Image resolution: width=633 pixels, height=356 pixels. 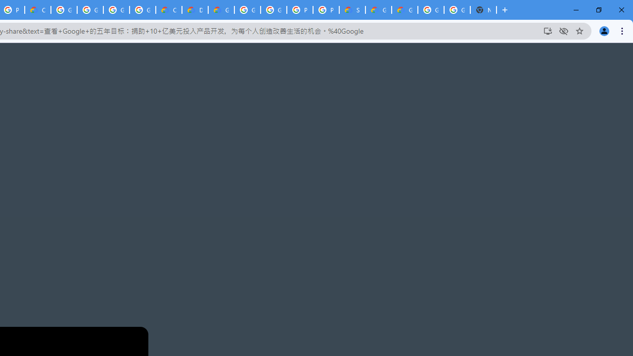 I want to click on 'Google Cloud Service Health', so click(x=378, y=10).